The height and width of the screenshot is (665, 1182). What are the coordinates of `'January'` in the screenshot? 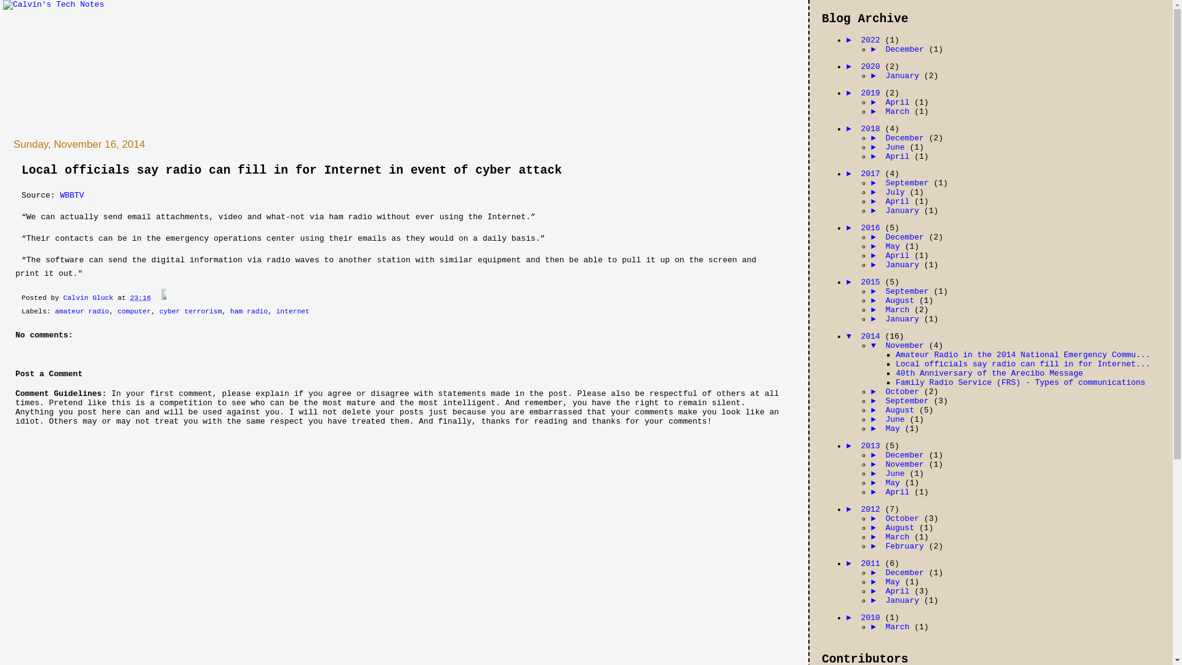 It's located at (904, 76).